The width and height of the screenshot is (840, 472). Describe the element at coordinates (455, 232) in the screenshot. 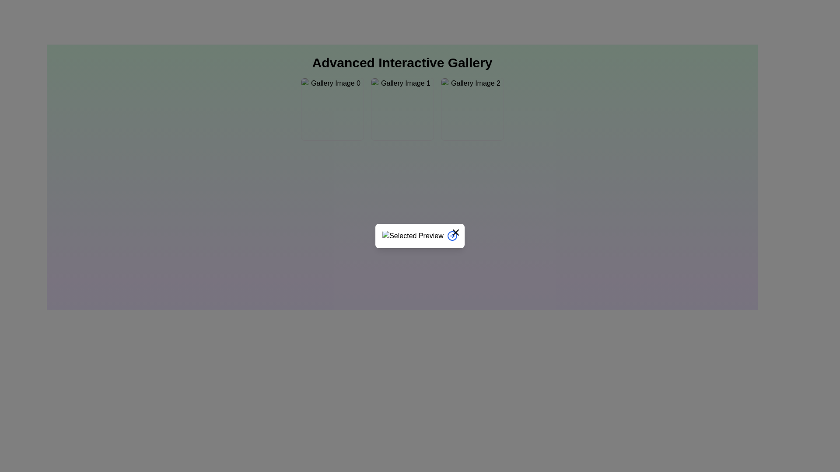

I see `the close button (styled as an 'X') located at the top-right corner of the white dialog box, above the 'Selected Preview' image` at that location.